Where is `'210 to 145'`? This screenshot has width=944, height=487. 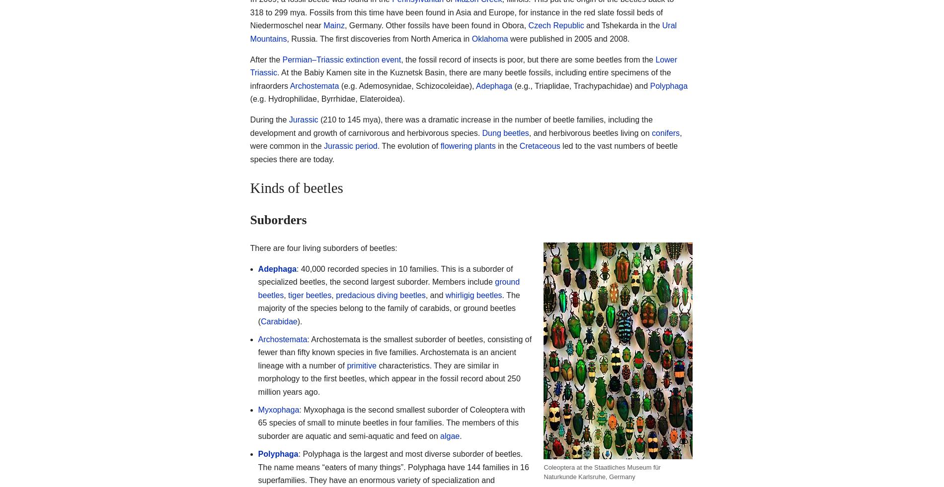 '210 to 145' is located at coordinates (341, 119).